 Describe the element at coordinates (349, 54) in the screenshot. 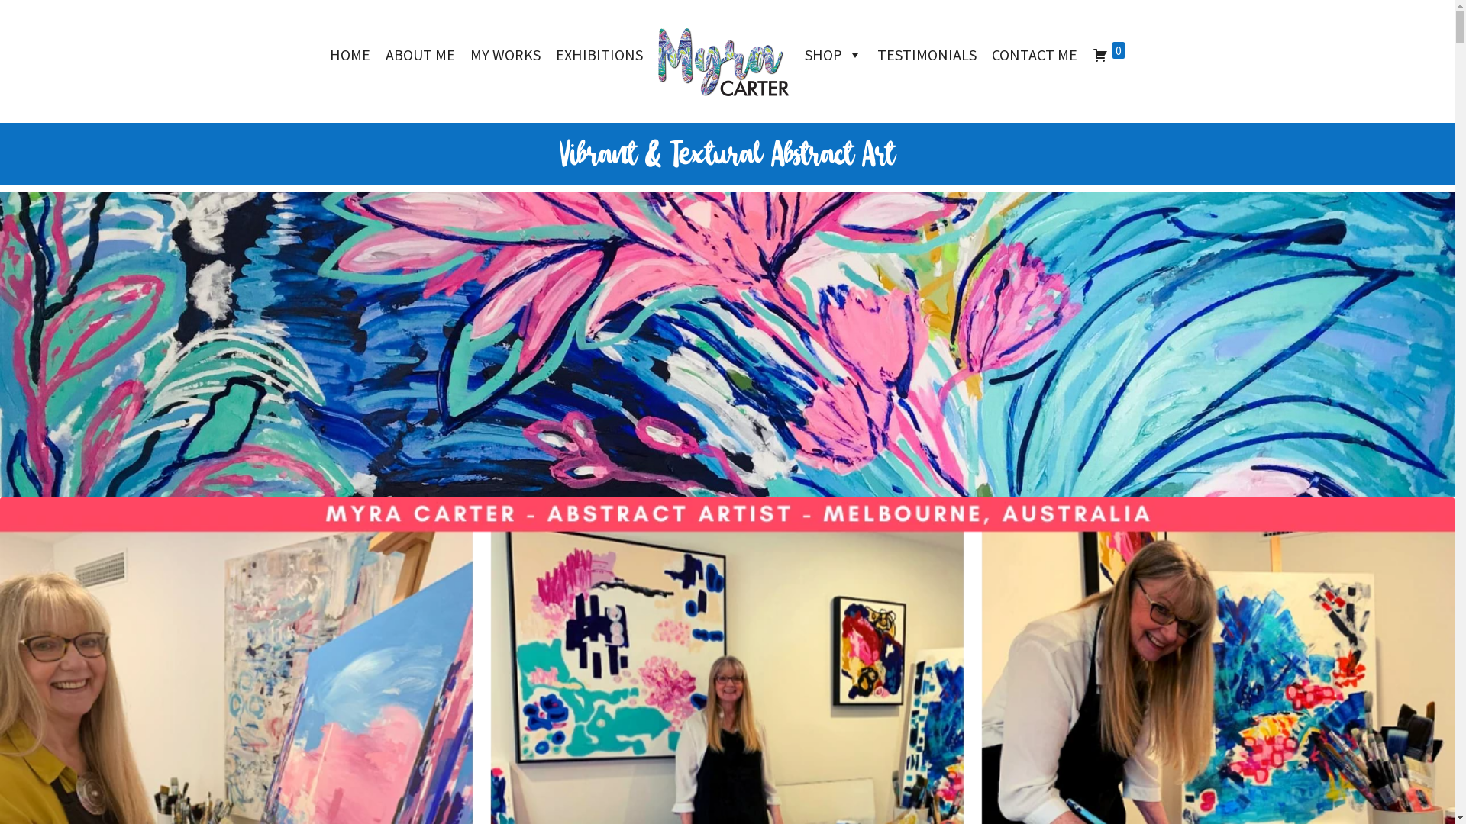

I see `'HOME'` at that location.